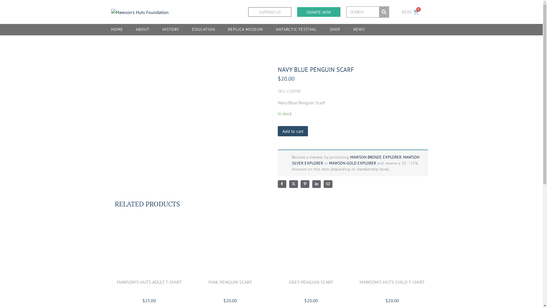  Describe the element at coordinates (375, 157) in the screenshot. I see `'MAWSON BRONZE EXPLORER'` at that location.